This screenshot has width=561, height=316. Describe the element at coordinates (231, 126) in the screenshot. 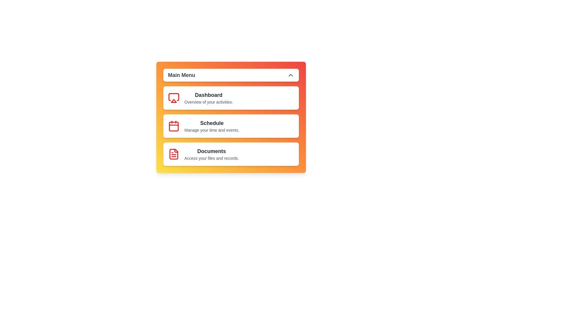

I see `the menu item Schedule by clicking on it` at that location.